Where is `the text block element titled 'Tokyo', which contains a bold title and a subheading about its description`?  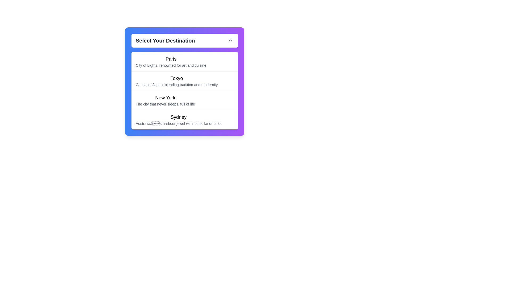 the text block element titled 'Tokyo', which contains a bold title and a subheading about its description is located at coordinates (177, 81).